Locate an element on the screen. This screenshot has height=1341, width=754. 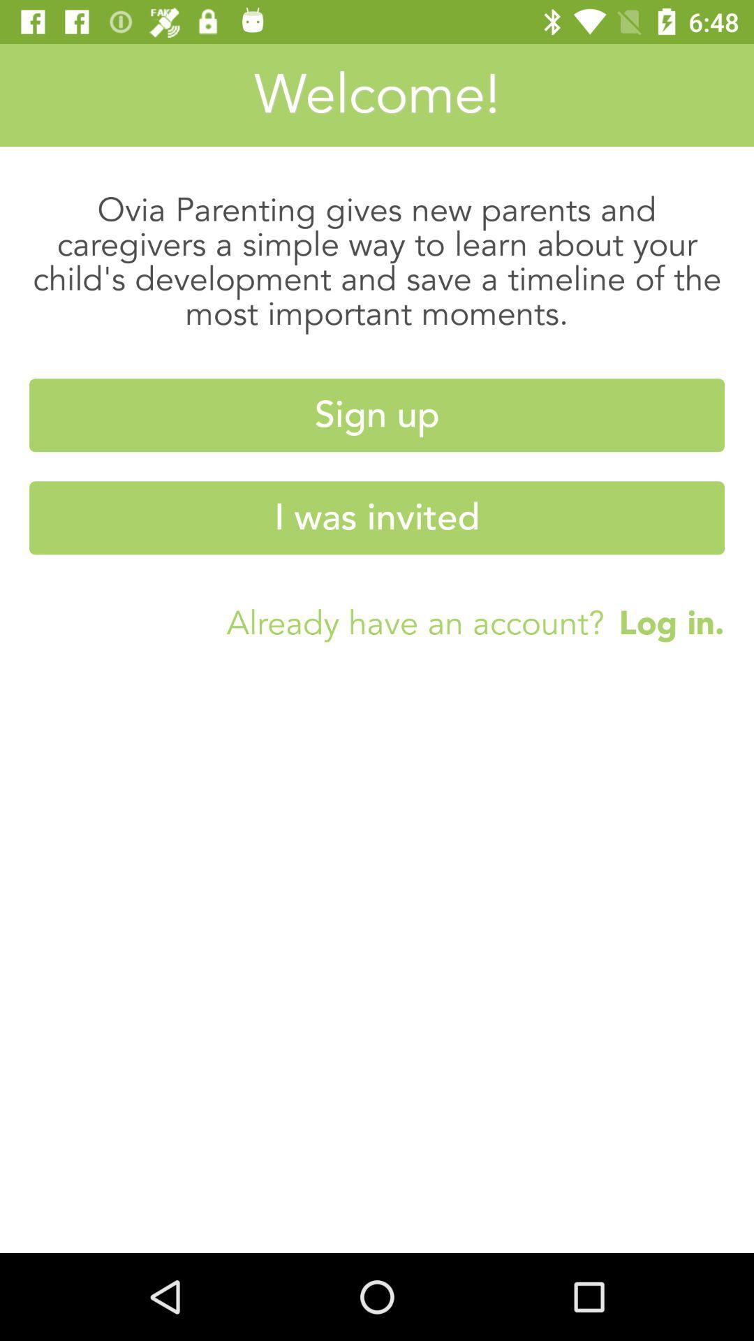
log in. is located at coordinates (663, 622).